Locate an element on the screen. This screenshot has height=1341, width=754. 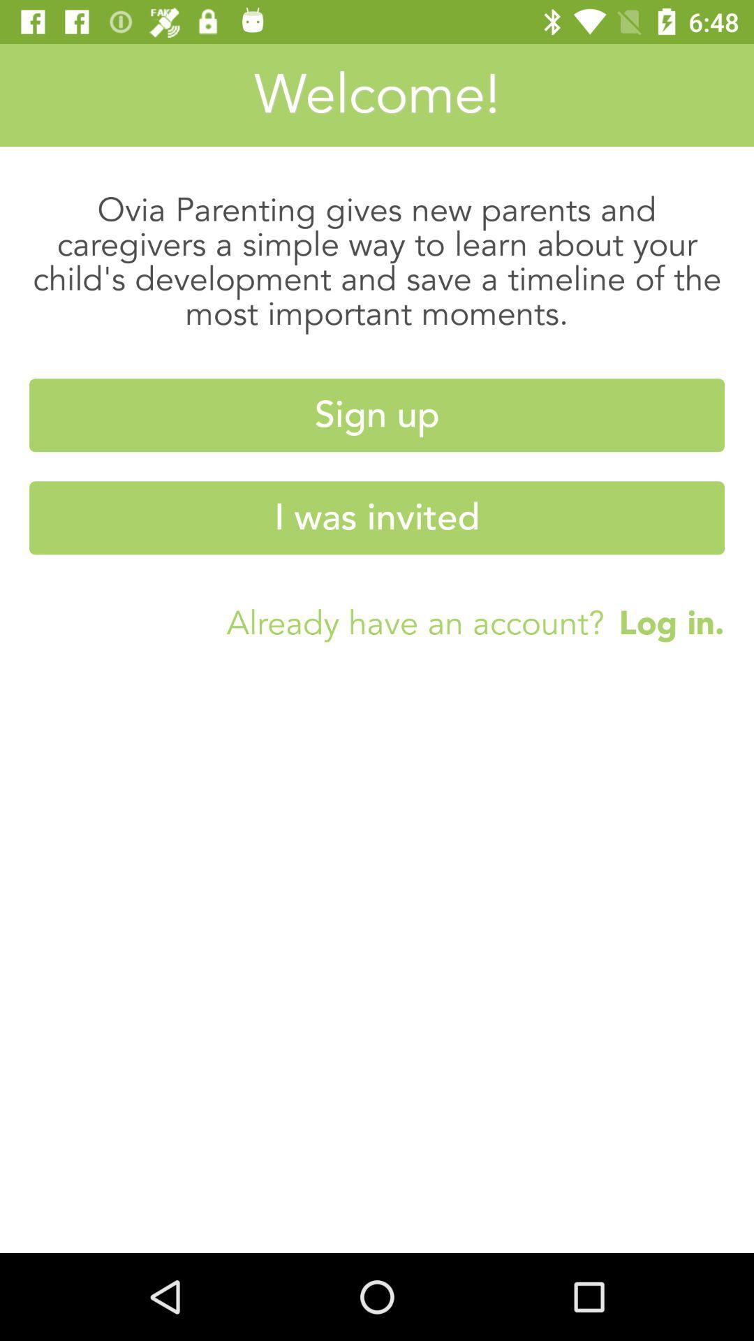
log in. is located at coordinates (663, 622).